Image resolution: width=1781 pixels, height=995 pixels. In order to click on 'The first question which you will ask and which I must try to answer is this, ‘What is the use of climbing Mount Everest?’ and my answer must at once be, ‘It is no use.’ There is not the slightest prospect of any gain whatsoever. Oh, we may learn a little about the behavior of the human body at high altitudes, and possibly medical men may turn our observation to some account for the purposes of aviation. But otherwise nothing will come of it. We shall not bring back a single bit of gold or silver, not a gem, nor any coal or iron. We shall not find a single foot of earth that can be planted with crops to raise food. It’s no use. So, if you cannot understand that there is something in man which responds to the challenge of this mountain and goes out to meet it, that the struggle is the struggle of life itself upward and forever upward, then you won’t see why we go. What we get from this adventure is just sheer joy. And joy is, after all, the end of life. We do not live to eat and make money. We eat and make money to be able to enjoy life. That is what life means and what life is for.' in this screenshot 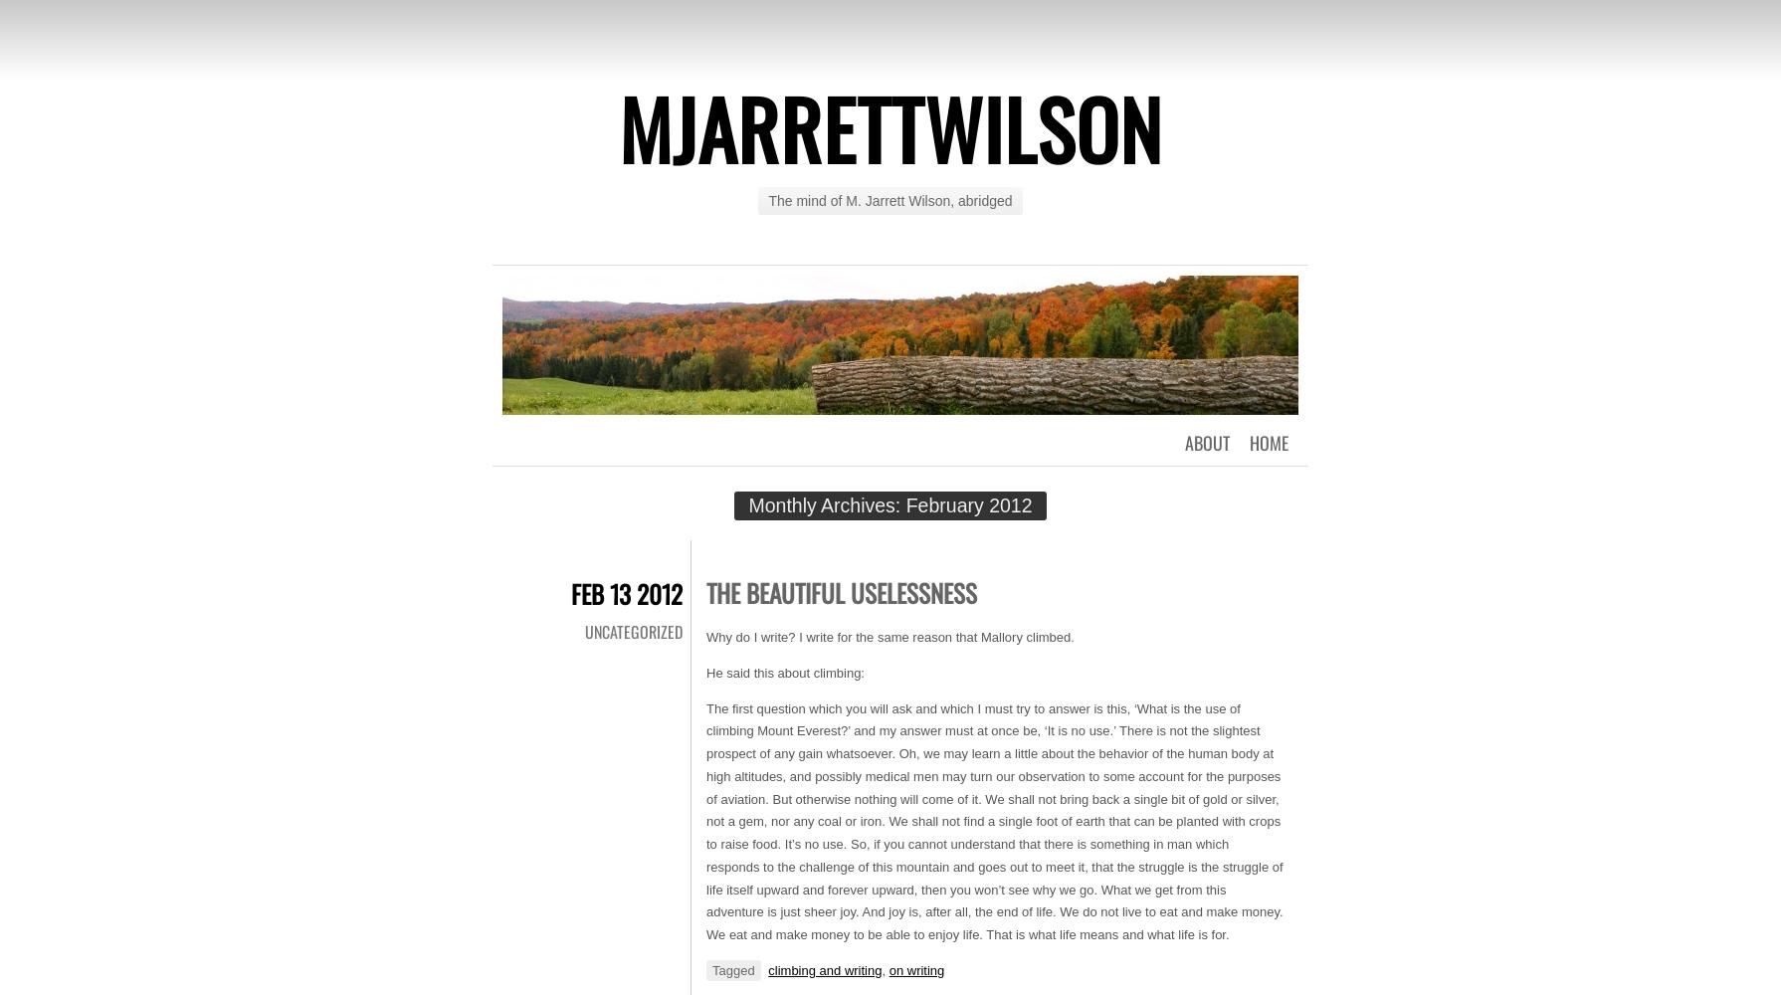, I will do `click(994, 820)`.